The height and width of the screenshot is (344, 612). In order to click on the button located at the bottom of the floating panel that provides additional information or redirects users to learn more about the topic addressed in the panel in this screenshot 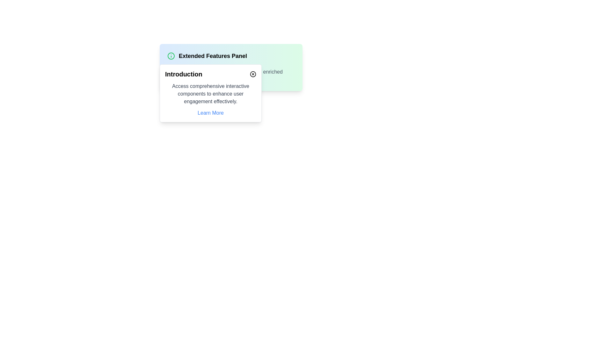, I will do `click(211, 112)`.